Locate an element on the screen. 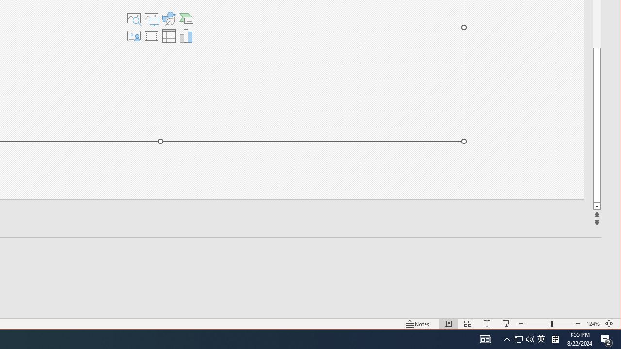  'Zoom 124%' is located at coordinates (592, 324).